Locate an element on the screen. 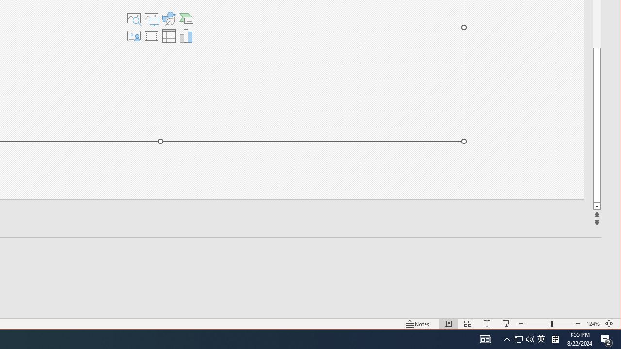  'Zoom 124%' is located at coordinates (592, 324).